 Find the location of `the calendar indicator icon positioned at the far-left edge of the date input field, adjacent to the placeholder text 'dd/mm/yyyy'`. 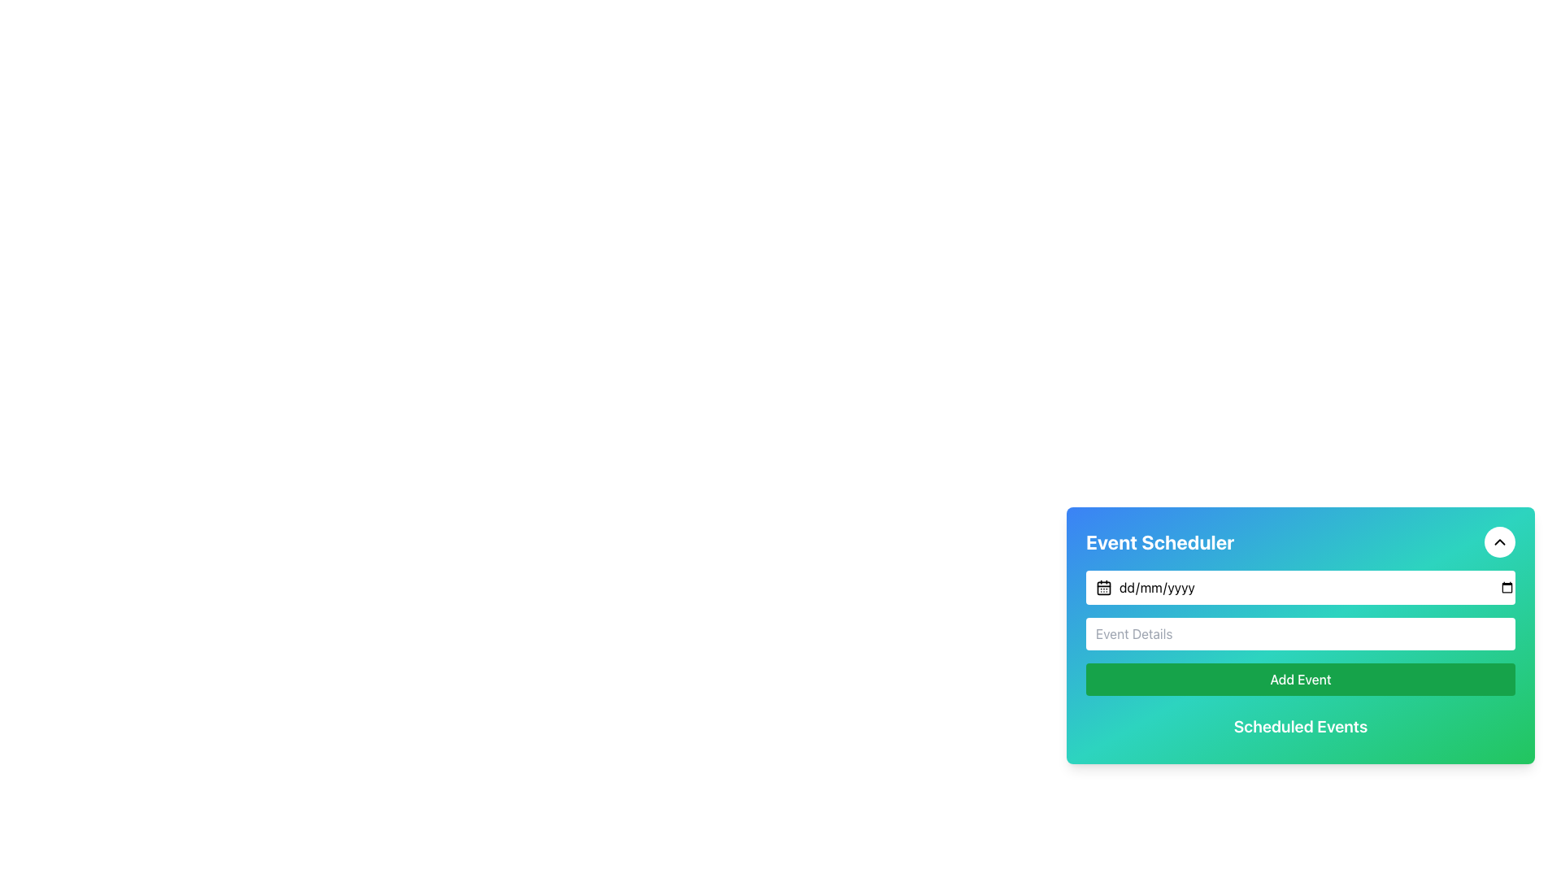

the calendar indicator icon positioned at the far-left edge of the date input field, adjacent to the placeholder text 'dd/mm/yyyy' is located at coordinates (1104, 587).